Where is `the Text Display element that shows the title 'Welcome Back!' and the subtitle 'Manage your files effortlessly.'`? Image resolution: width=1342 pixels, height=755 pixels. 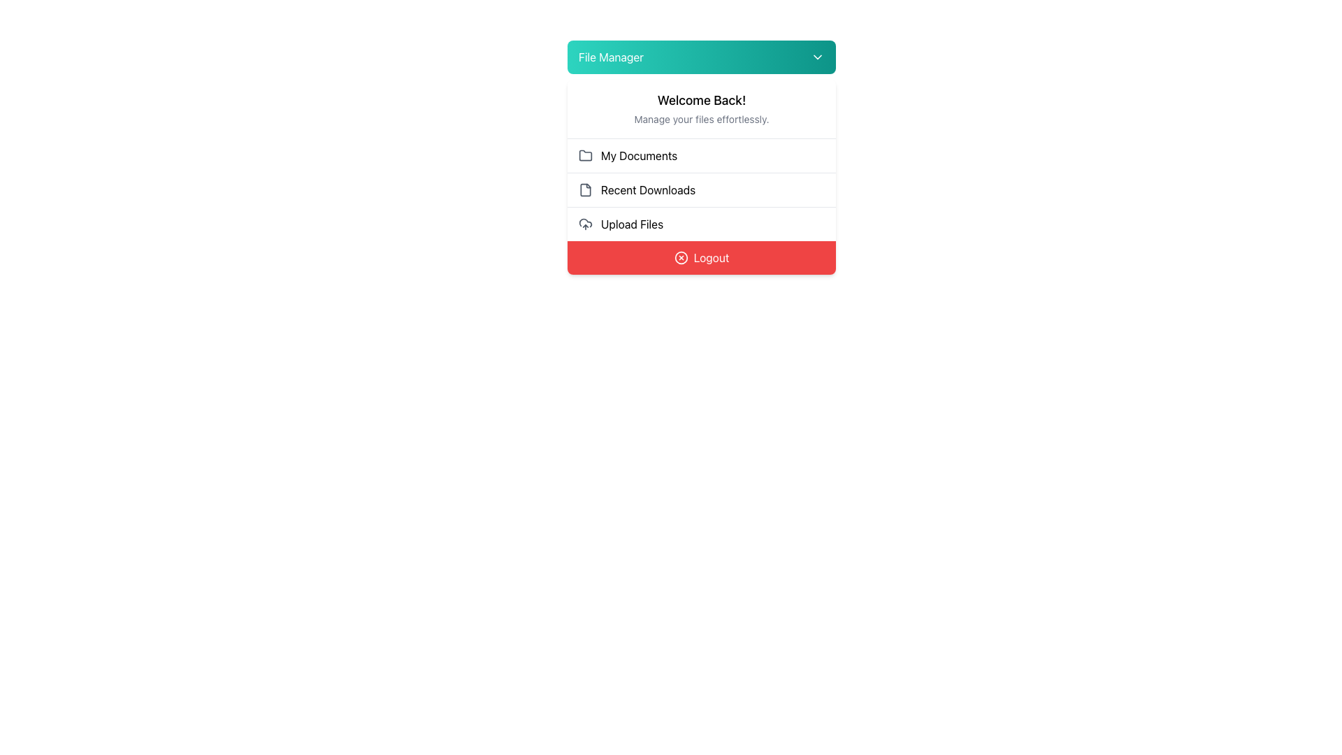
the Text Display element that shows the title 'Welcome Back!' and the subtitle 'Manage your files effortlessly.' is located at coordinates (701, 108).